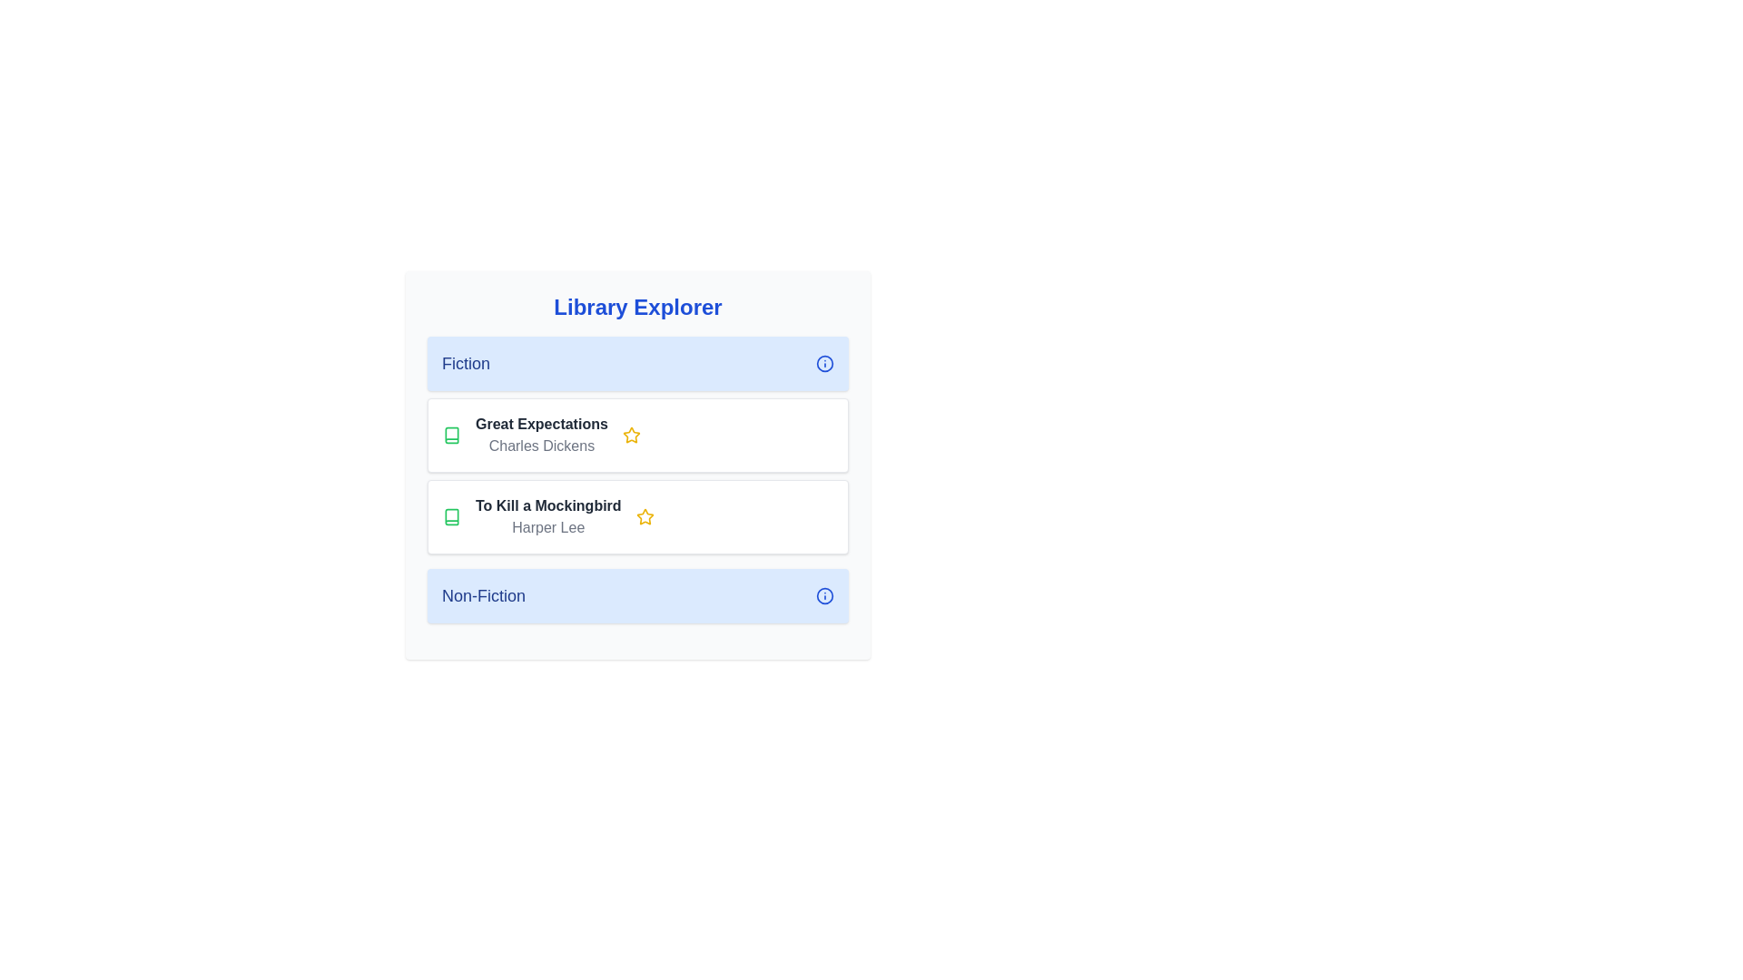 Image resolution: width=1743 pixels, height=980 pixels. I want to click on the star icon to toggle the favorite status of a book. The parameter Great Expectations determines which book's star icon to click, so click(631, 435).